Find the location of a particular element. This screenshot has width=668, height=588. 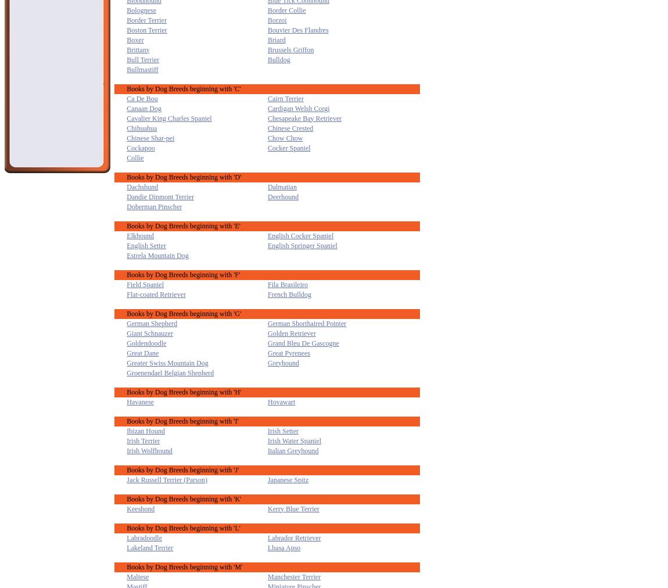

'French Bulldog' is located at coordinates (289, 294).